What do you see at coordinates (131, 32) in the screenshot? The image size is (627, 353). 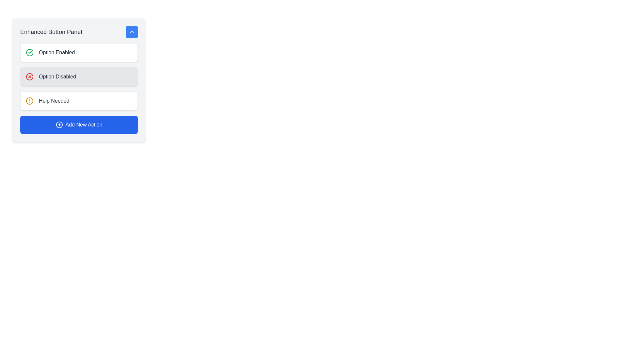 I see `the chevron-up icon located within the blue button at the top right of the 'Enhanced Button Panel', which serves as an indicator for upward actions` at bounding box center [131, 32].